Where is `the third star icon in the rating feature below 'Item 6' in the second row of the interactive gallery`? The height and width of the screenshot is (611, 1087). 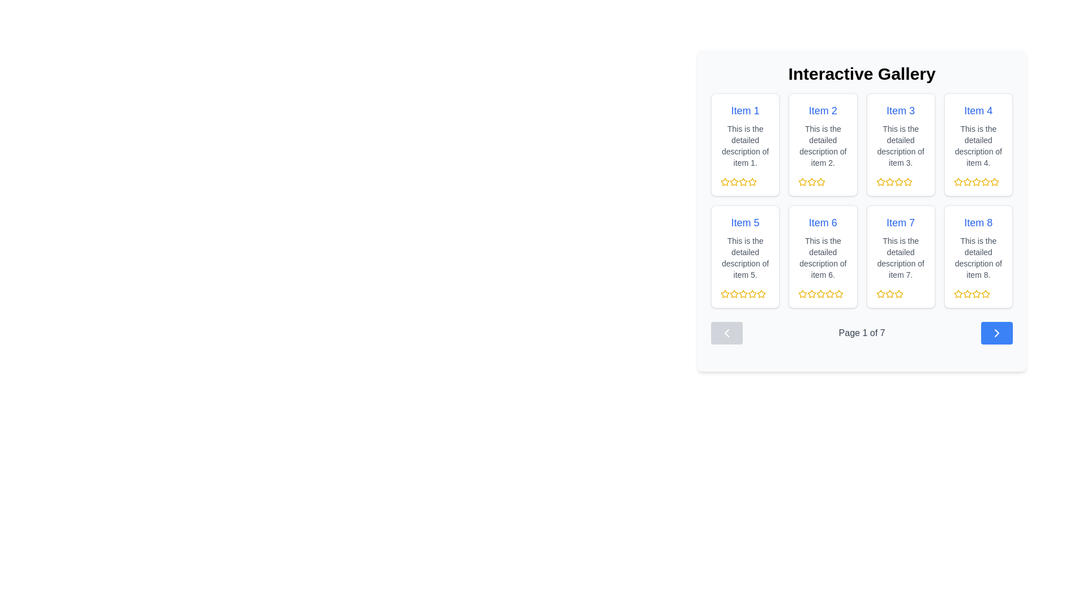 the third star icon in the rating feature below 'Item 6' in the second row of the interactive gallery is located at coordinates (811, 294).